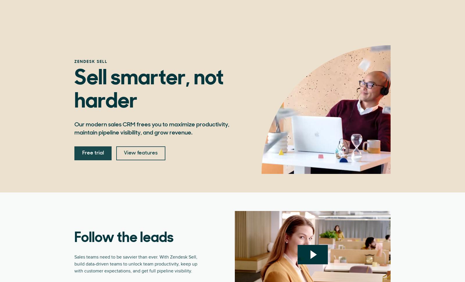 This screenshot has width=465, height=282. Describe the element at coordinates (262, 36) in the screenshot. I see `'$115'` at that location.